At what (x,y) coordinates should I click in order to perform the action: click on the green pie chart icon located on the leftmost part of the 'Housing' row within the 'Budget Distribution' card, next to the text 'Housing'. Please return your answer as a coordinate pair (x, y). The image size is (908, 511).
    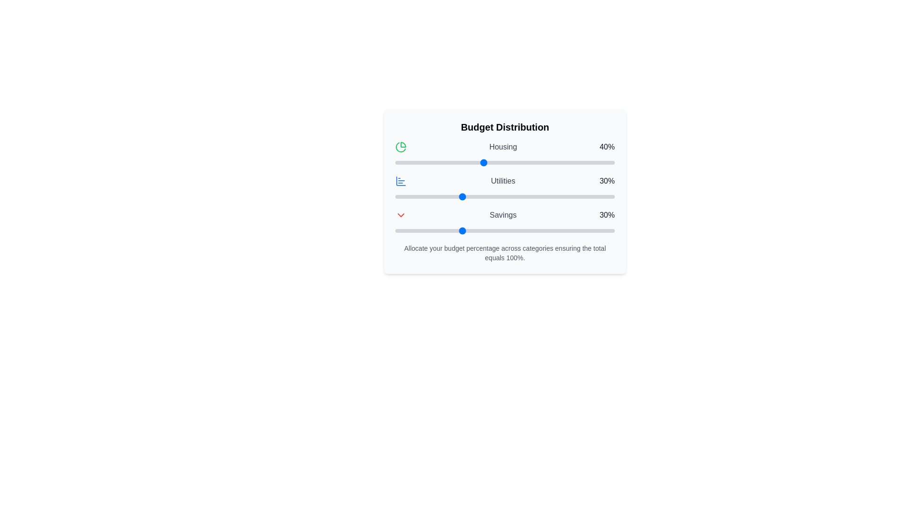
    Looking at the image, I should click on (401, 147).